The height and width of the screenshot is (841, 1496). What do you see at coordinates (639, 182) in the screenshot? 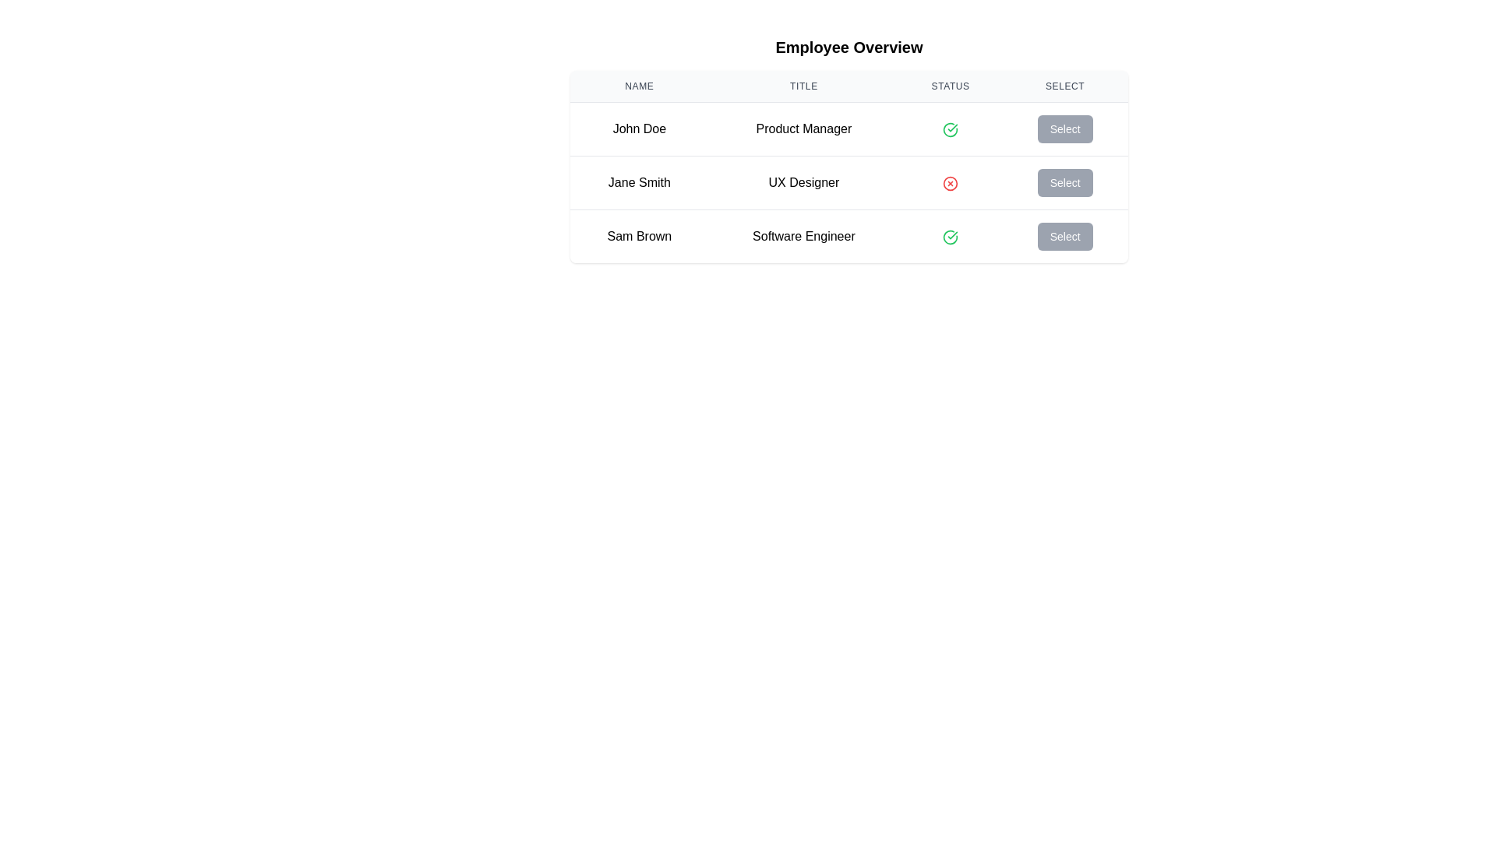
I see `the Table Cell displaying 'Jane Smith'` at bounding box center [639, 182].